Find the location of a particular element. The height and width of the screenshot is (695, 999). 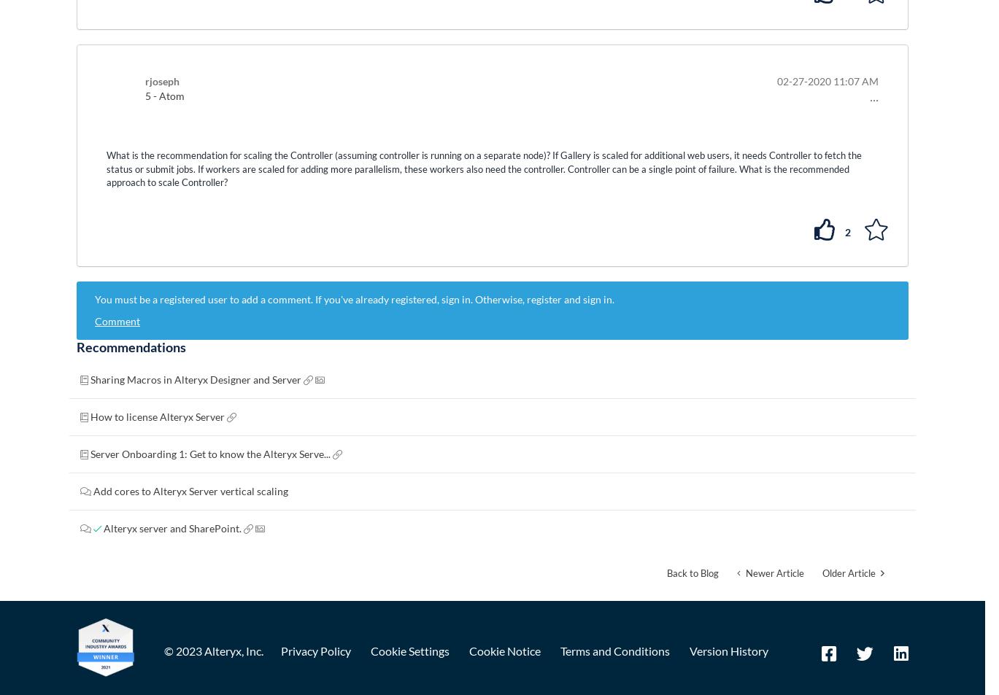

'How to license Alteryx Server' is located at coordinates (158, 416).